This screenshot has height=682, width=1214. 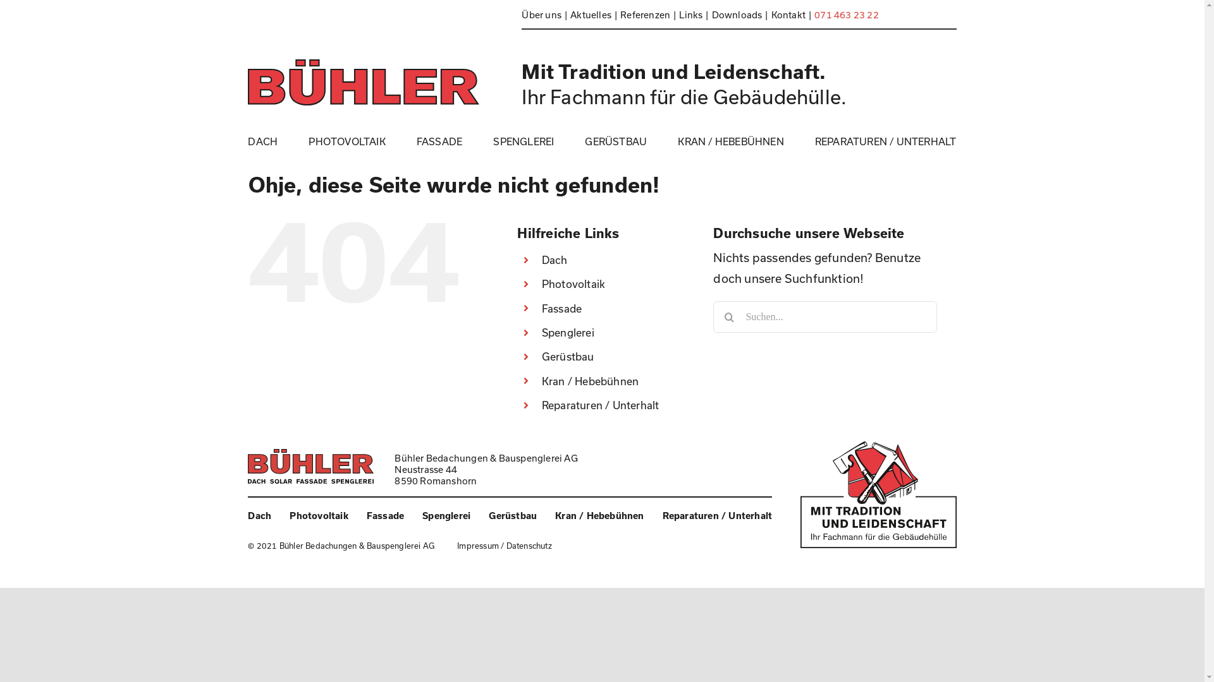 What do you see at coordinates (814, 14) in the screenshot?
I see `'071 463 23 22'` at bounding box center [814, 14].